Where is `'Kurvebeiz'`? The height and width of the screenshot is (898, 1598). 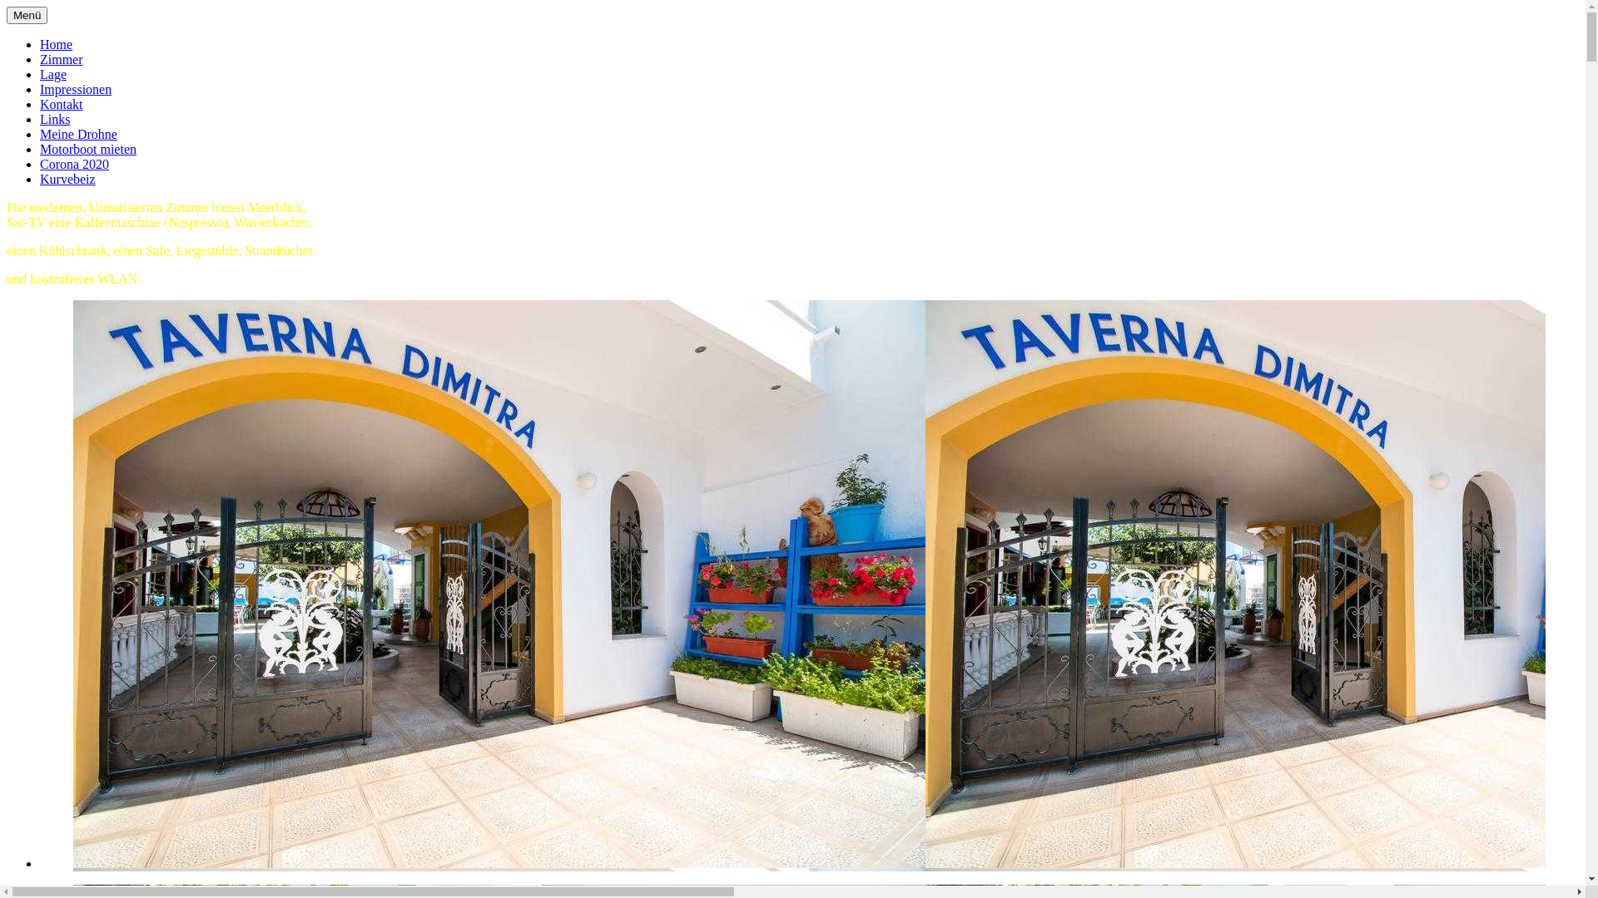
'Kurvebeiz' is located at coordinates (67, 179).